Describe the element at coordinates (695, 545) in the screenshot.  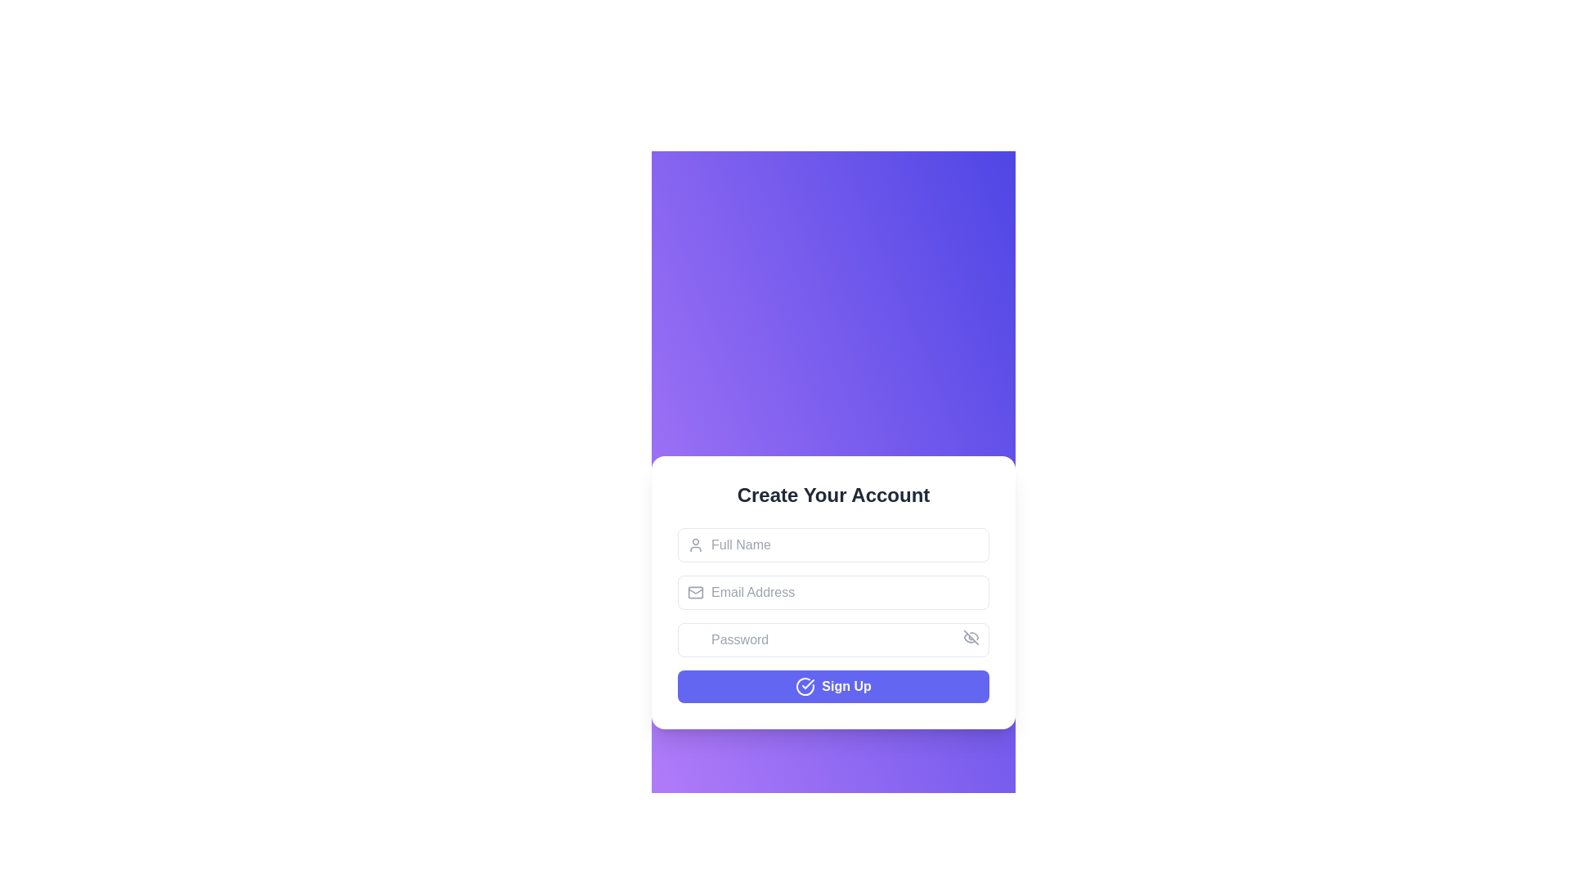
I see `the circular user profile image icon located to the left of the 'Full Name' input field` at that location.